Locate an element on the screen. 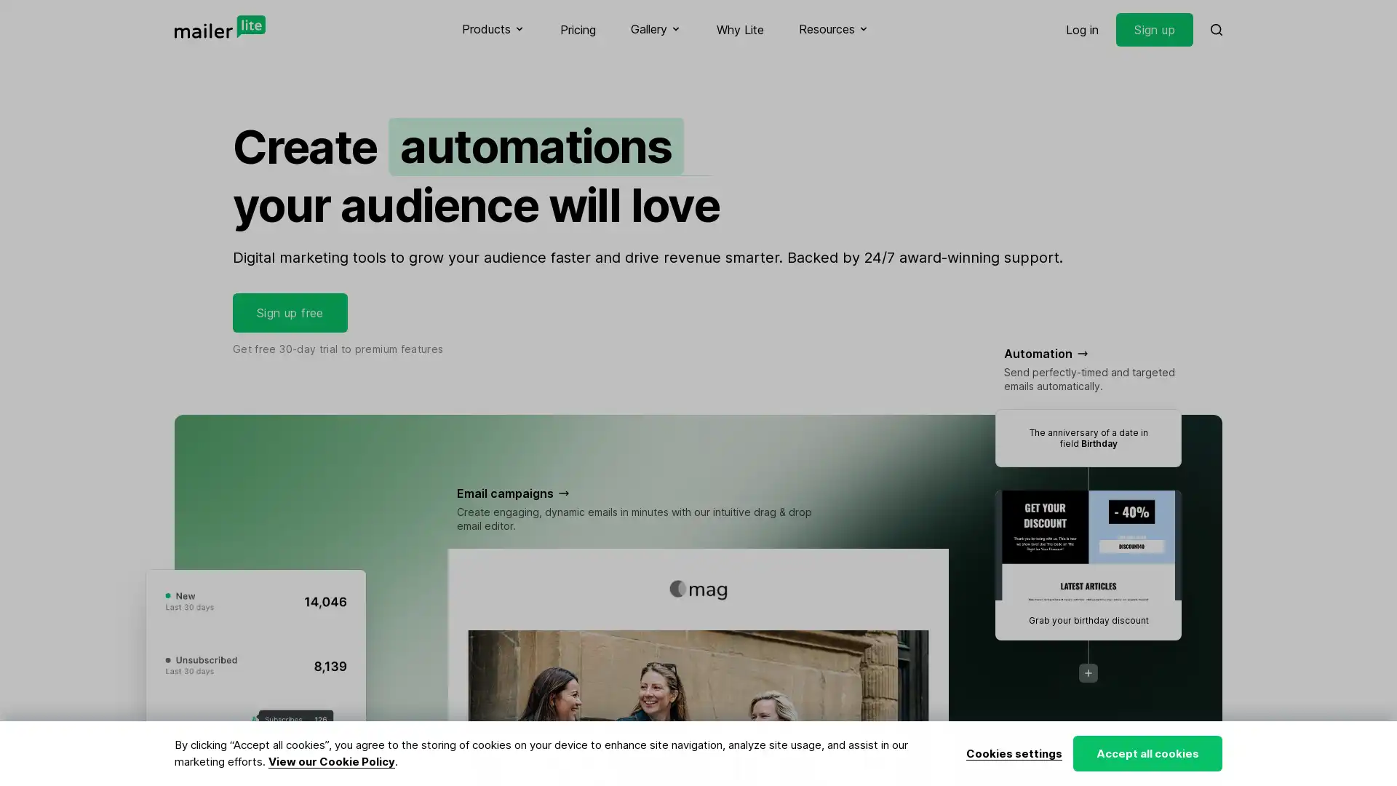 The height and width of the screenshot is (786, 1397). Search MailerLite is located at coordinates (1215, 30).